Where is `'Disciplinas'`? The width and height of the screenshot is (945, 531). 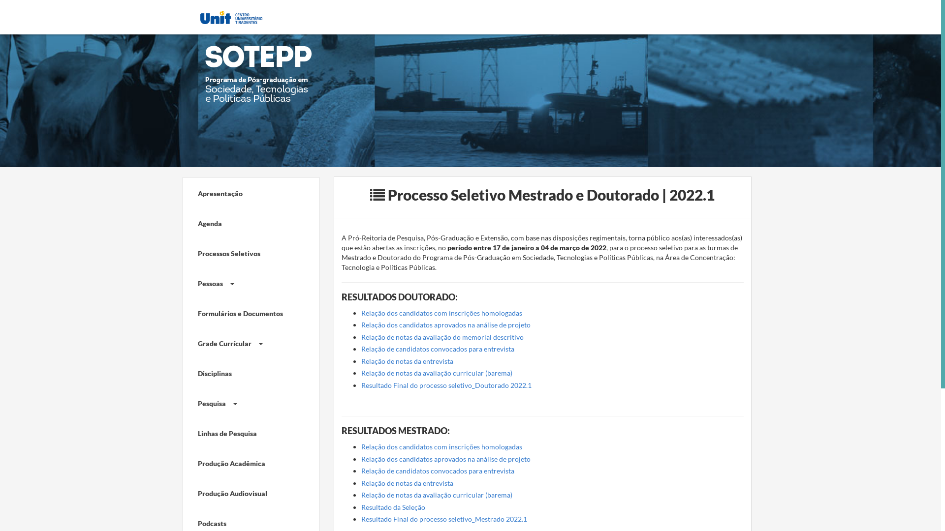
'Disciplinas' is located at coordinates (243, 372).